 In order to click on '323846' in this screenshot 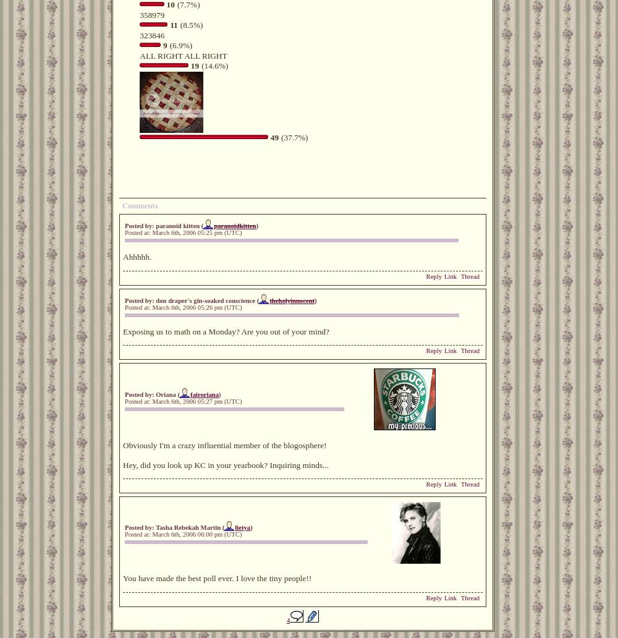, I will do `click(151, 35)`.